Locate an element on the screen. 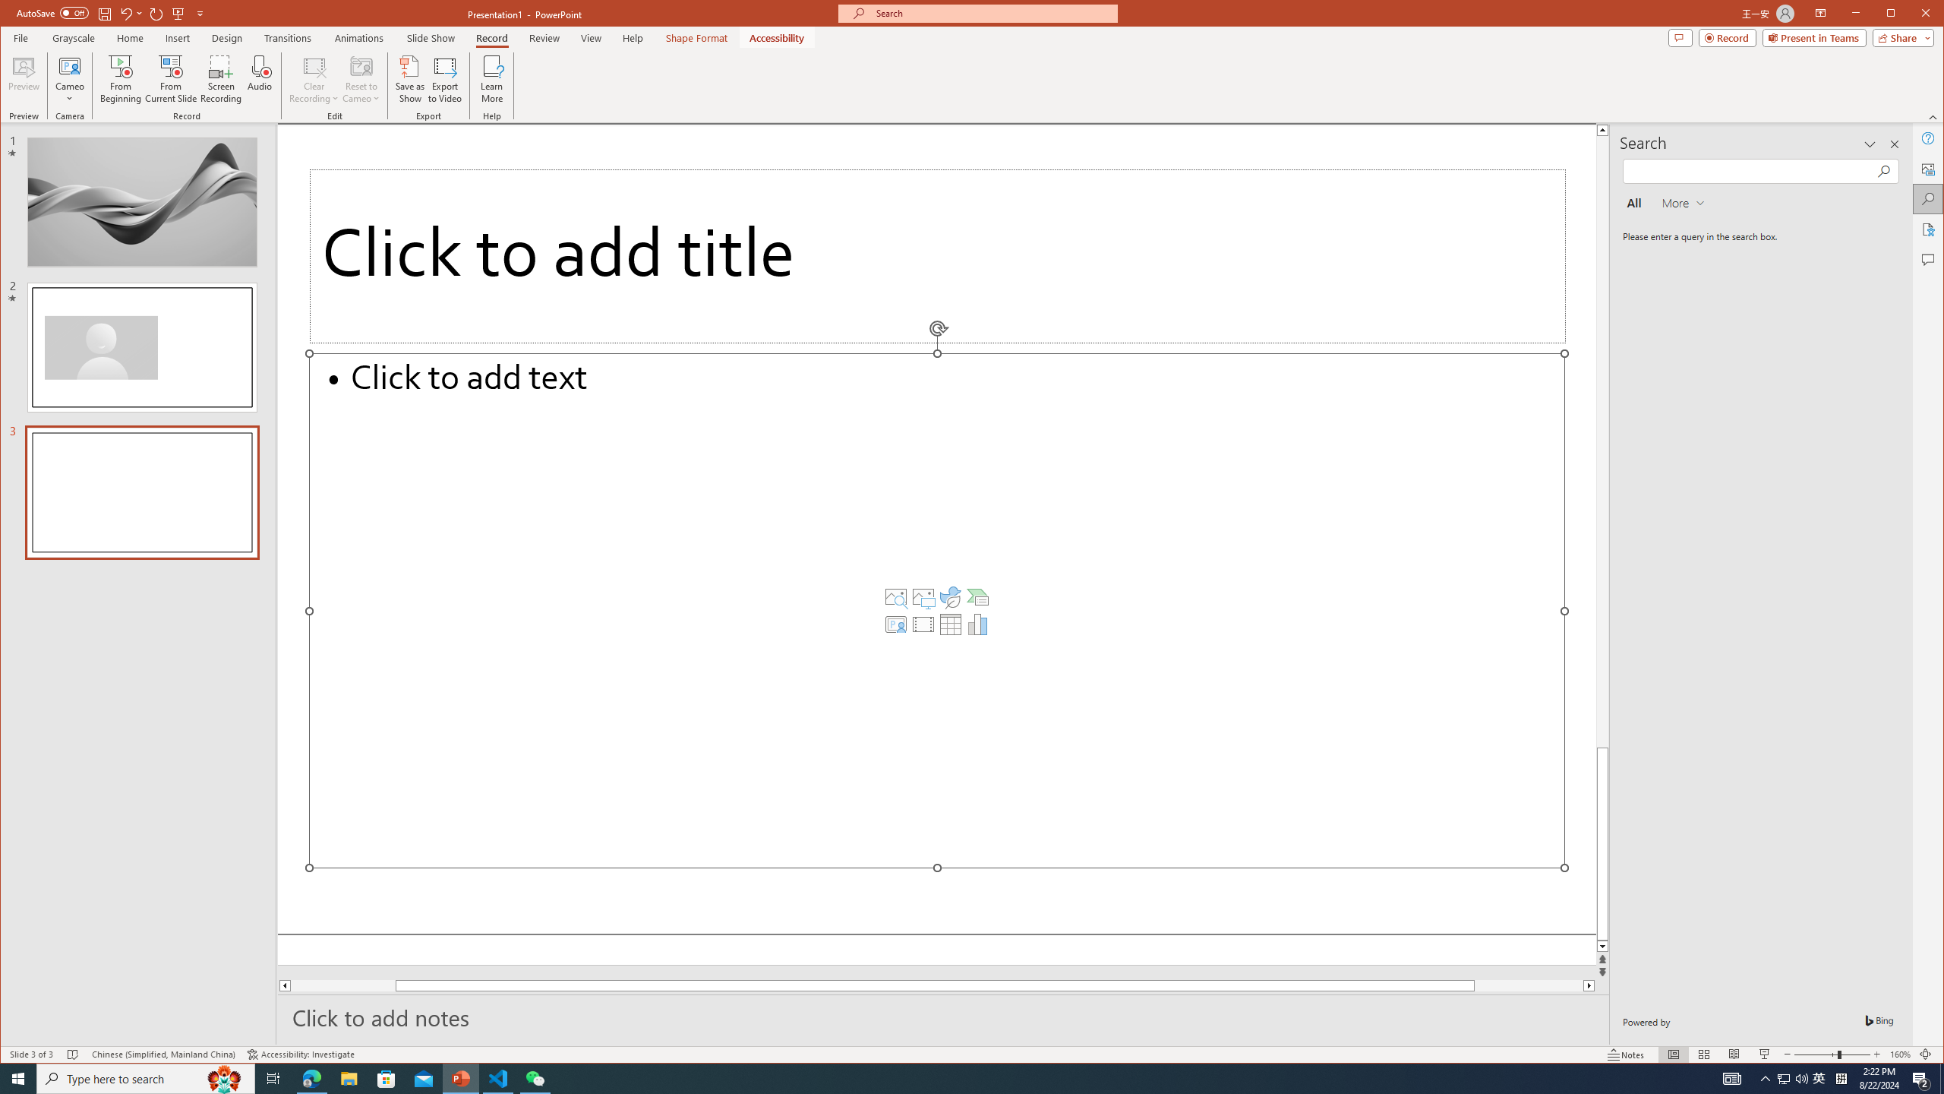 The height and width of the screenshot is (1094, 1944). 'Insert a SmartArt Graphic' is located at coordinates (977, 596).